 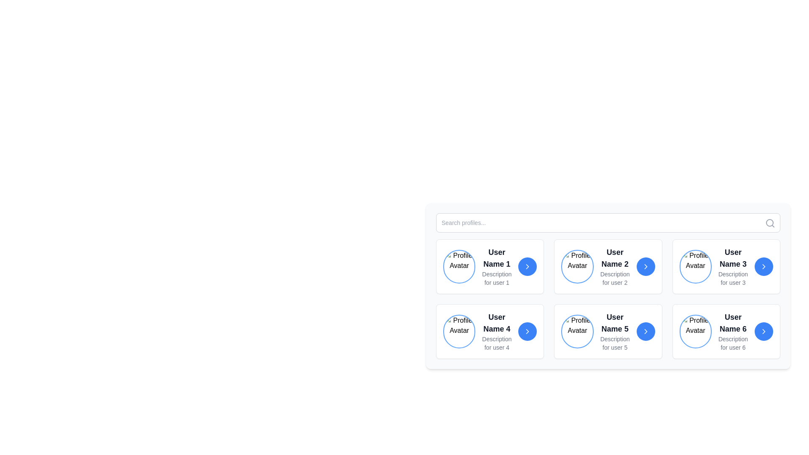 What do you see at coordinates (527, 266) in the screenshot?
I see `the chevron arrow SVG icon within the button located to the right of 'User Name 1' in the top-left card of the grid to possibly view a tooltip` at bounding box center [527, 266].